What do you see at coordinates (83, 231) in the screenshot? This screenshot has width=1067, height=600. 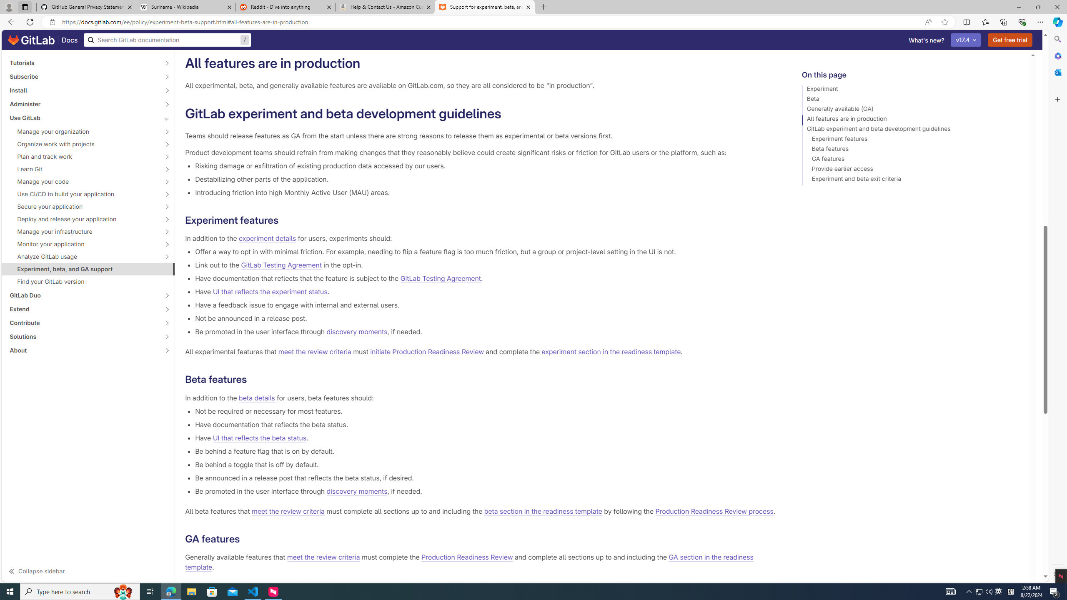 I see `'Manage your infrastructure'` at bounding box center [83, 231].